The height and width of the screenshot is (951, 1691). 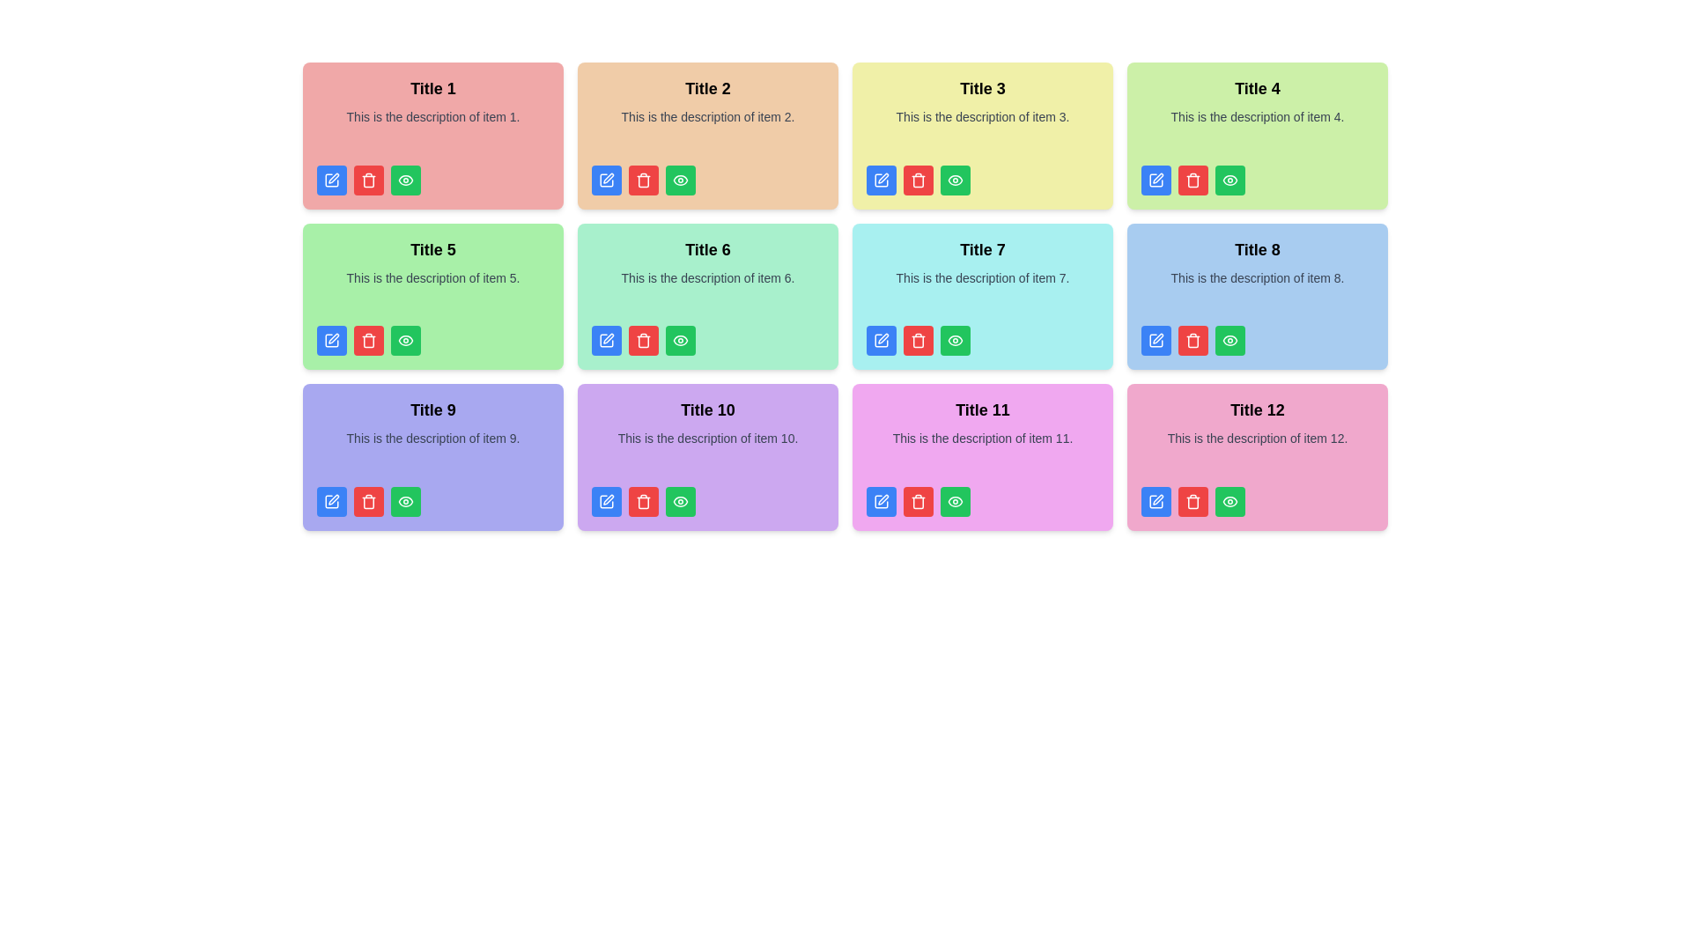 What do you see at coordinates (404, 340) in the screenshot?
I see `the third button in the action buttons row associated with 'Title 5'` at bounding box center [404, 340].